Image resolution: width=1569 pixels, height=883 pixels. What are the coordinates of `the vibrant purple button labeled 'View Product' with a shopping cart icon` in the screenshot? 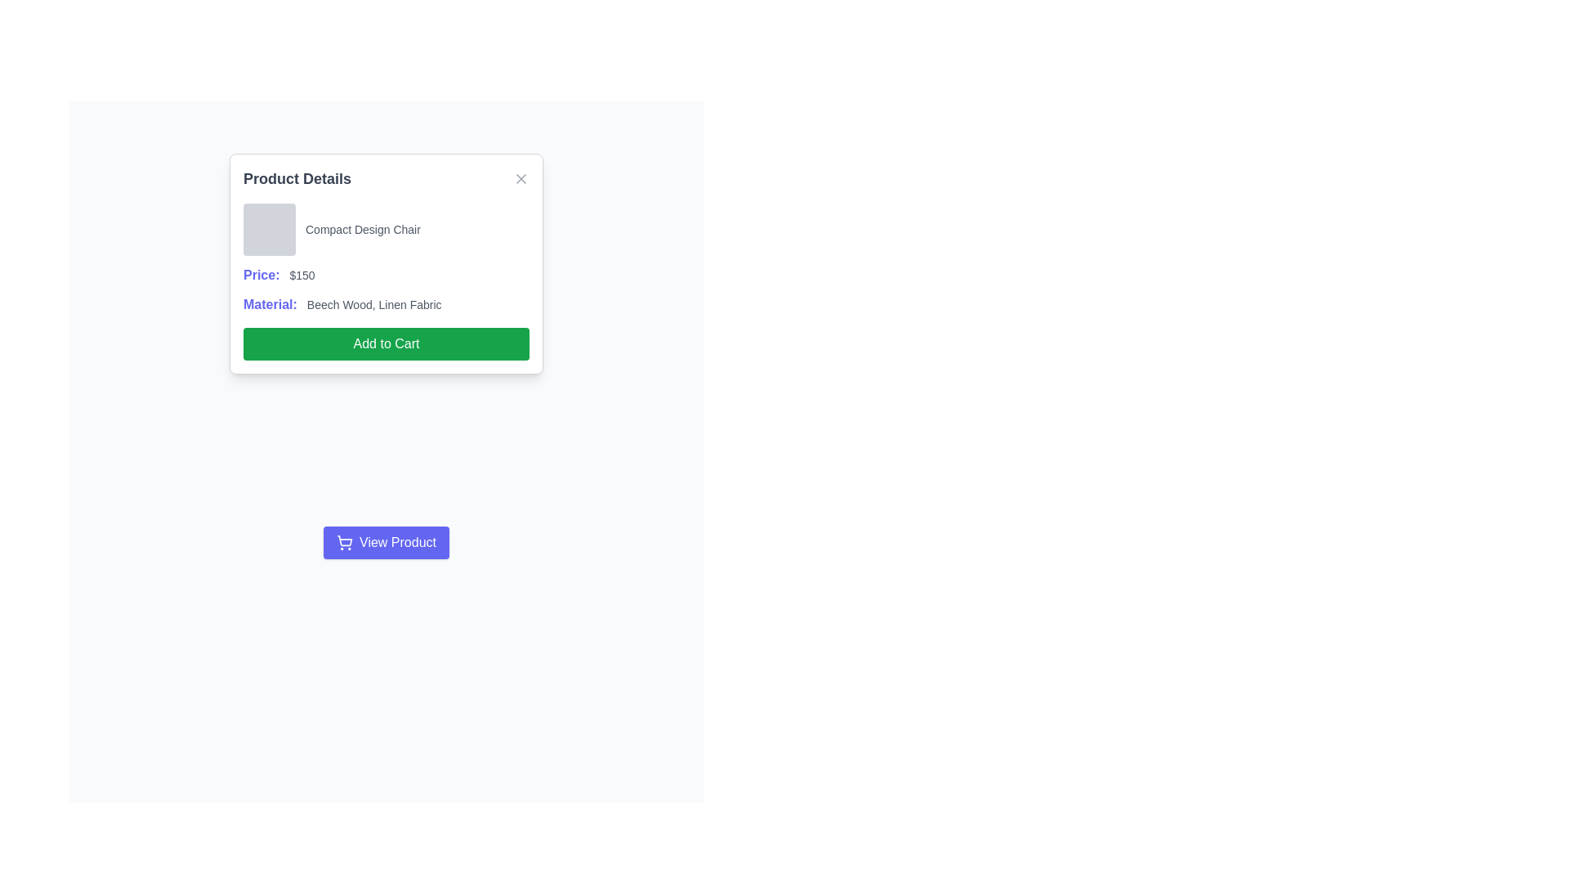 It's located at (385, 542).